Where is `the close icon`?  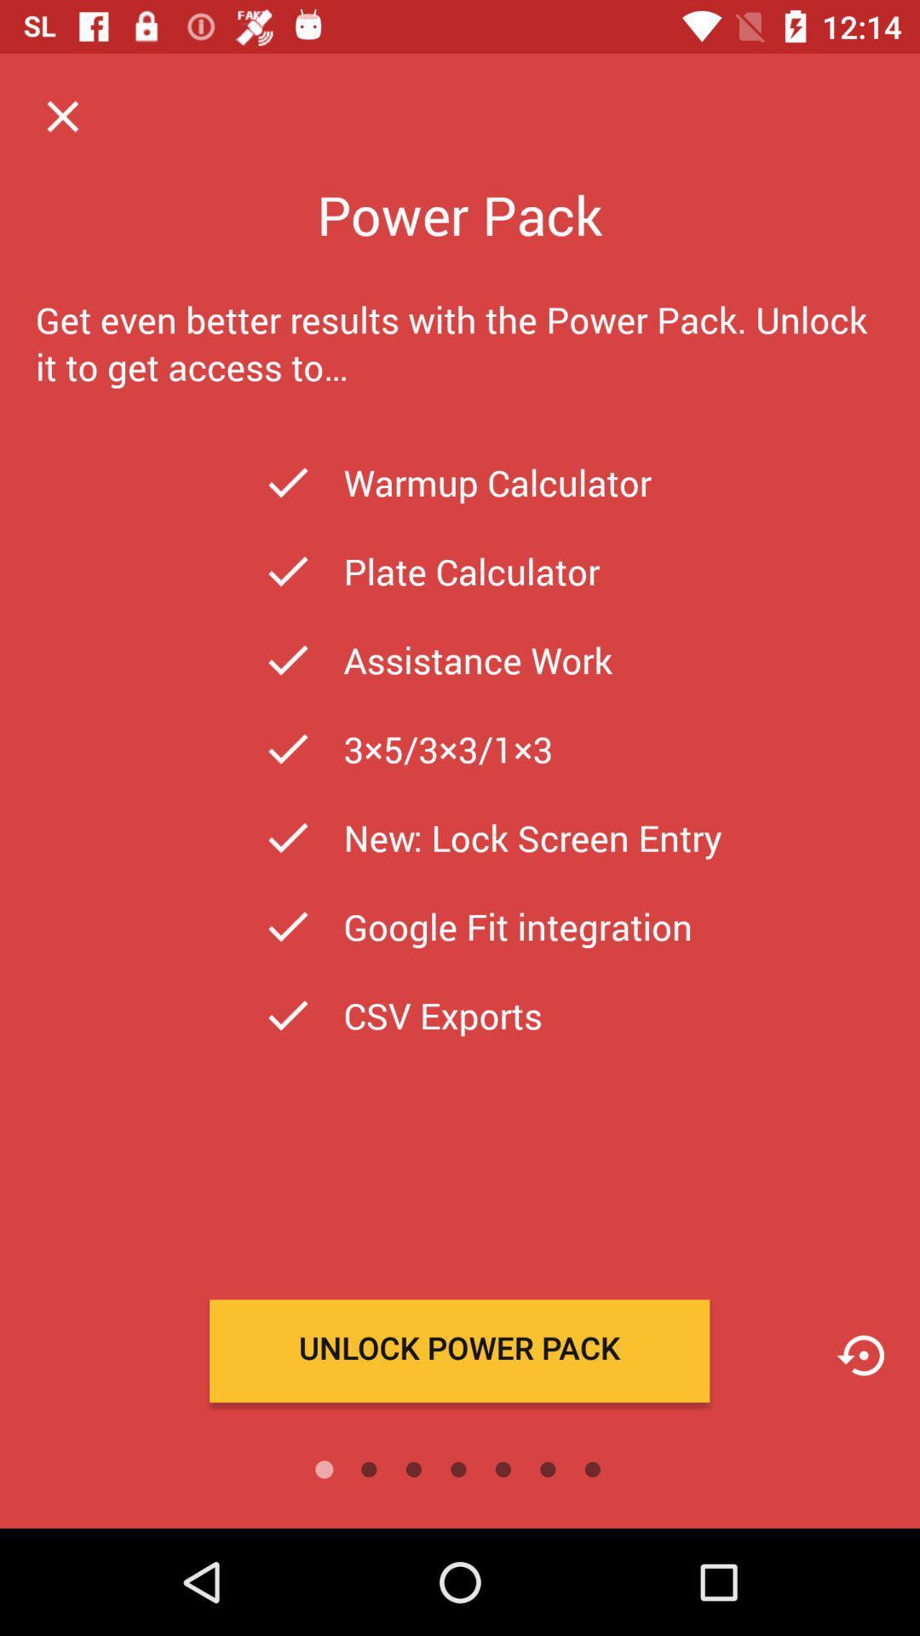
the close icon is located at coordinates (61, 115).